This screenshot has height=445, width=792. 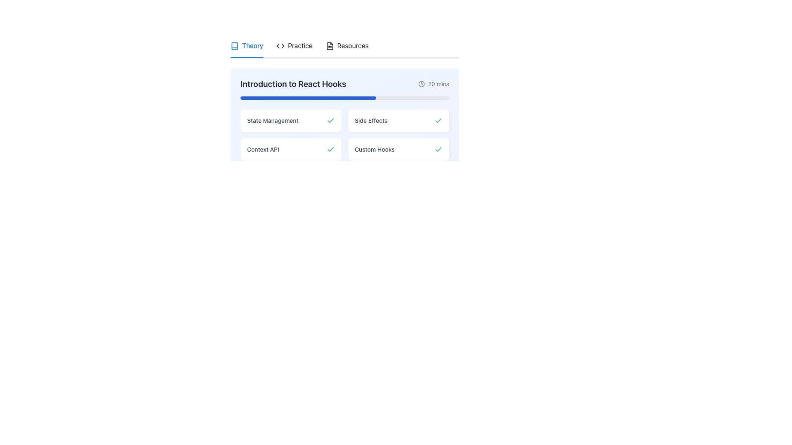 I want to click on the icon resembling a pair of chevrons pointing in opposite directions, located on the left side of the 'Practice' text, so click(x=280, y=46).